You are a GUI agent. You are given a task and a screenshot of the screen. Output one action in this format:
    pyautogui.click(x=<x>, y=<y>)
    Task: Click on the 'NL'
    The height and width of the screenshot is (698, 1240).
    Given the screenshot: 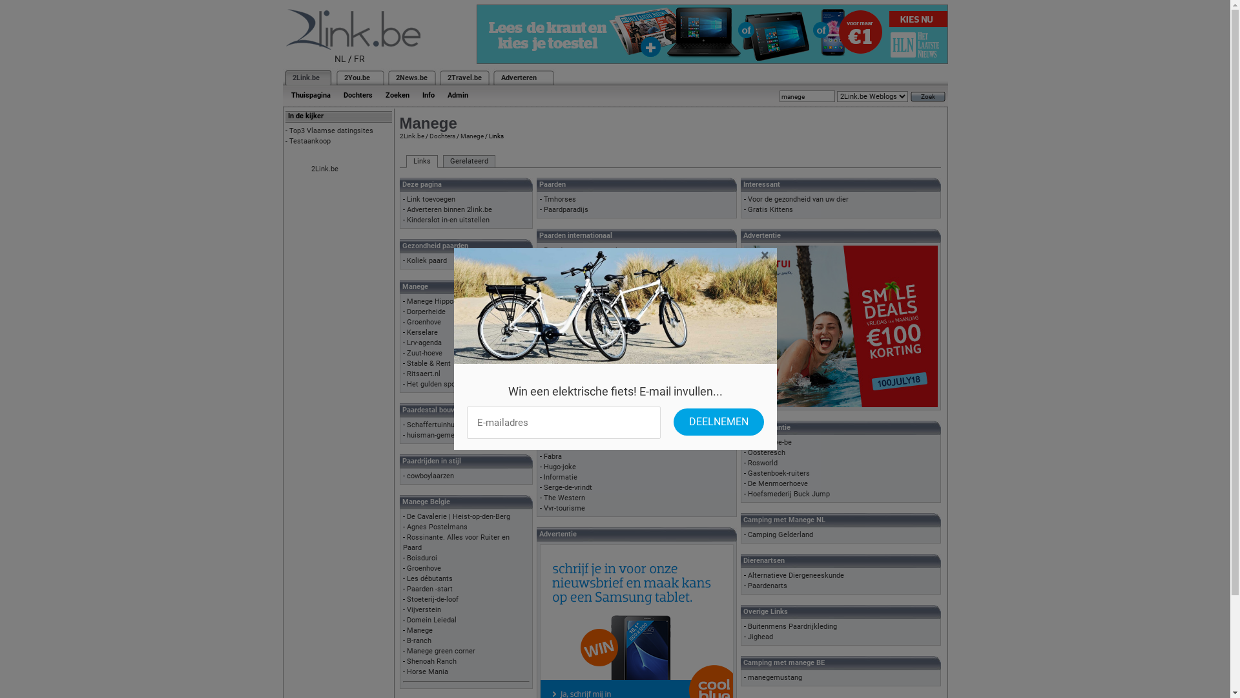 What is the action you would take?
    pyautogui.click(x=340, y=59)
    